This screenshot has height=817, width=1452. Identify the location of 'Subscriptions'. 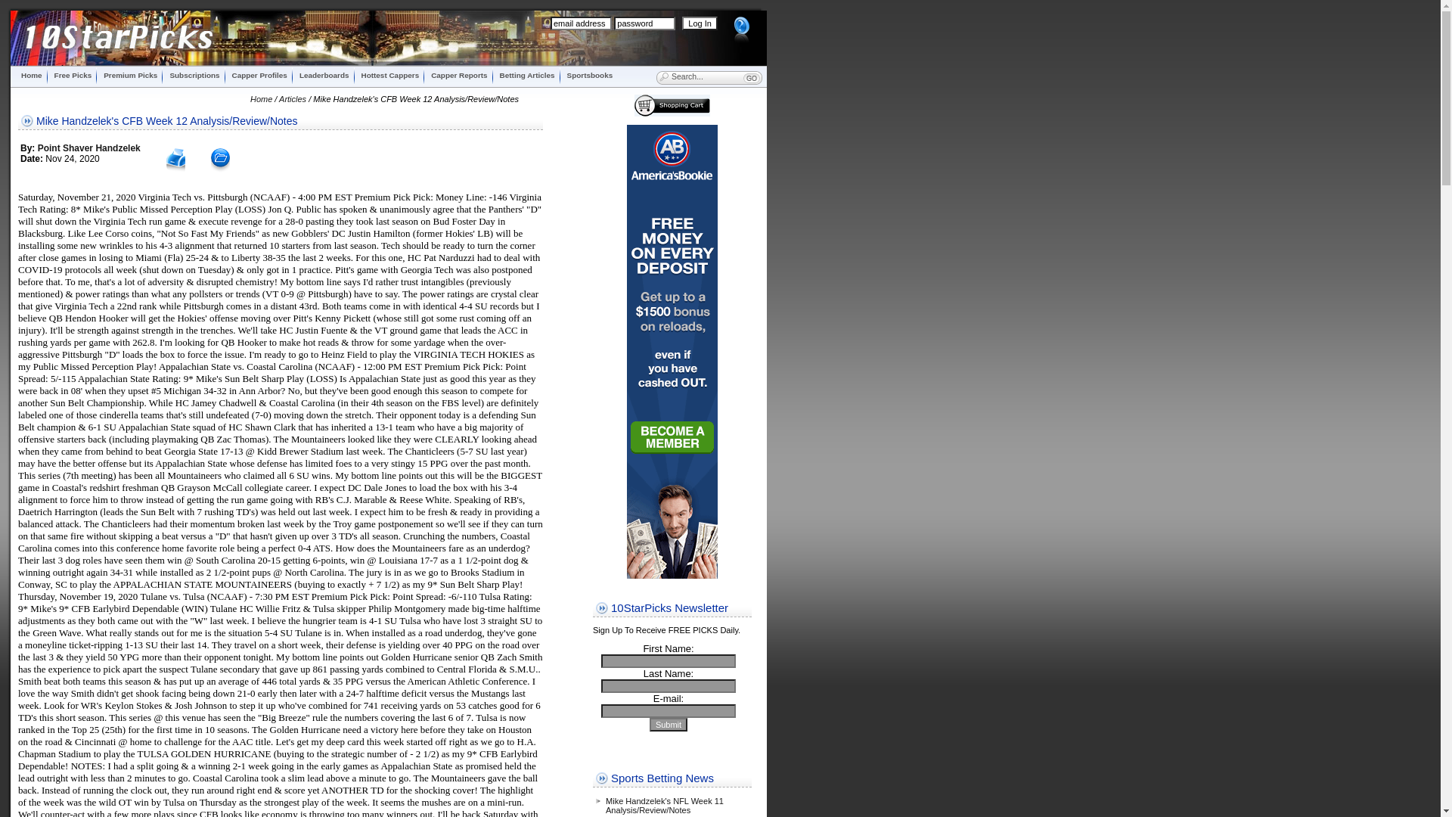
(163, 76).